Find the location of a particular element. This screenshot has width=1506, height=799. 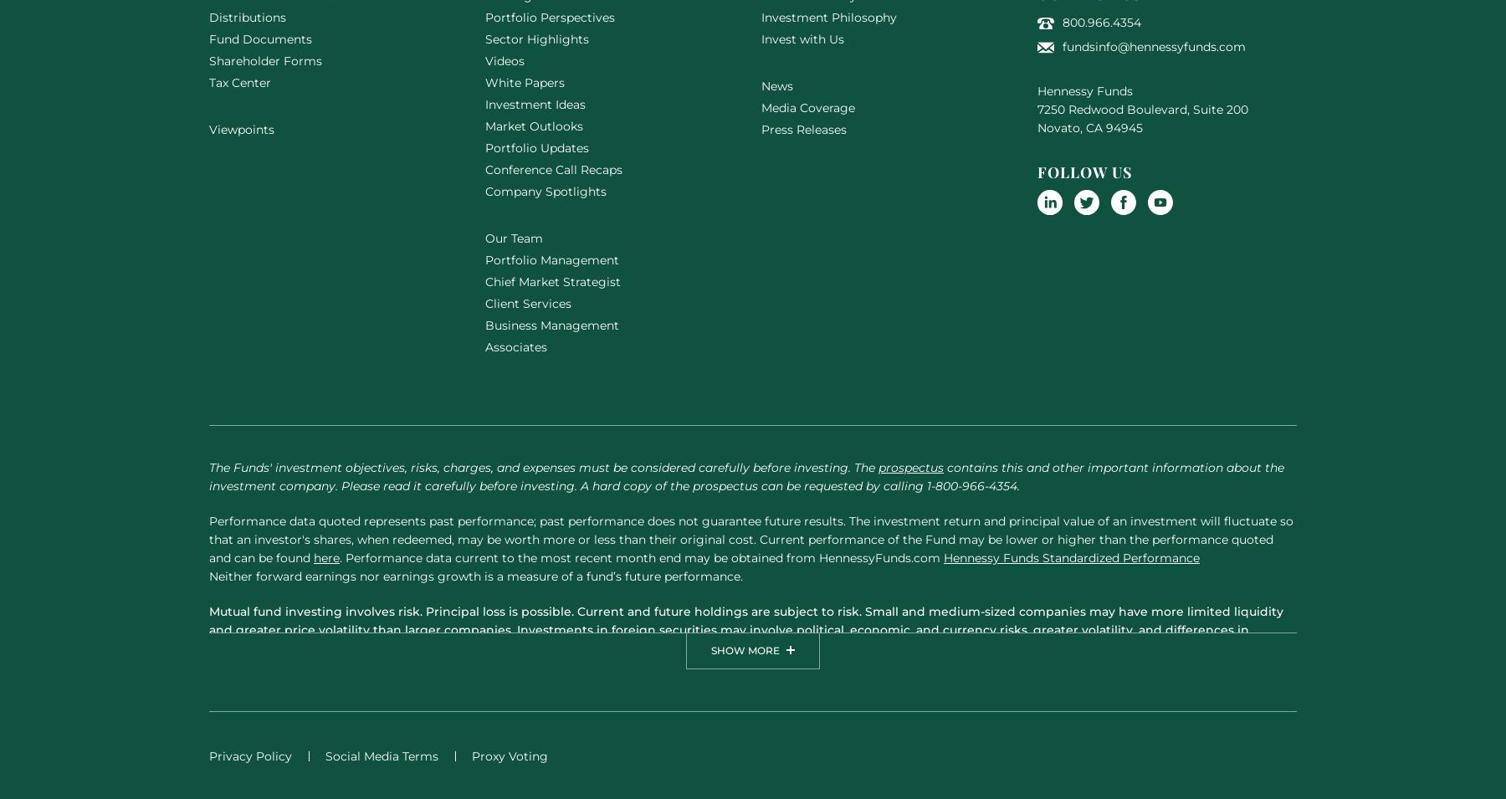

'Investment Ideas' is located at coordinates (535, 102).